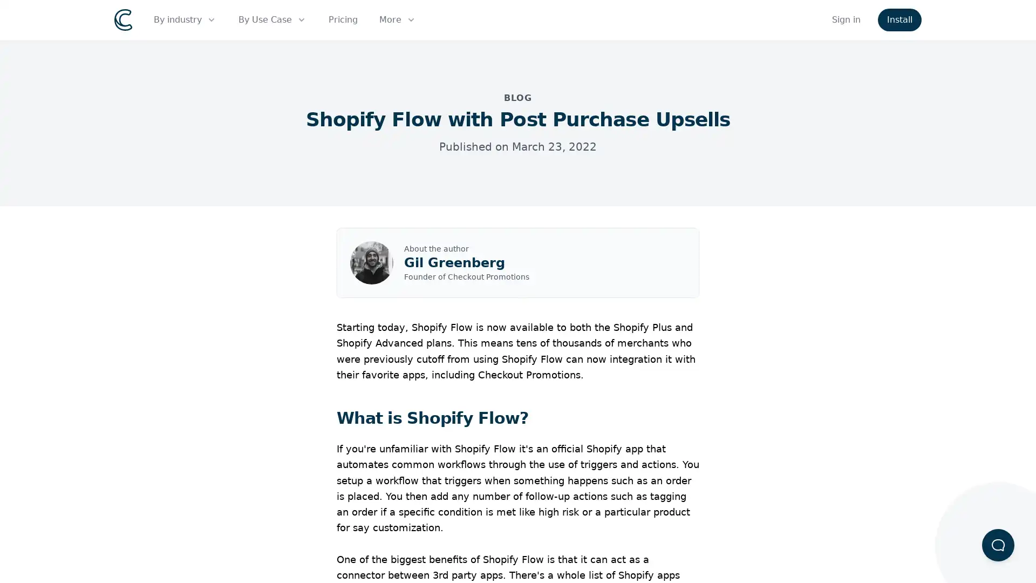  What do you see at coordinates (272, 20) in the screenshot?
I see `By Use Case` at bounding box center [272, 20].